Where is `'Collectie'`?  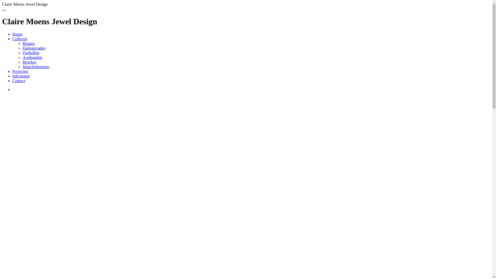
'Collectie' is located at coordinates (20, 38).